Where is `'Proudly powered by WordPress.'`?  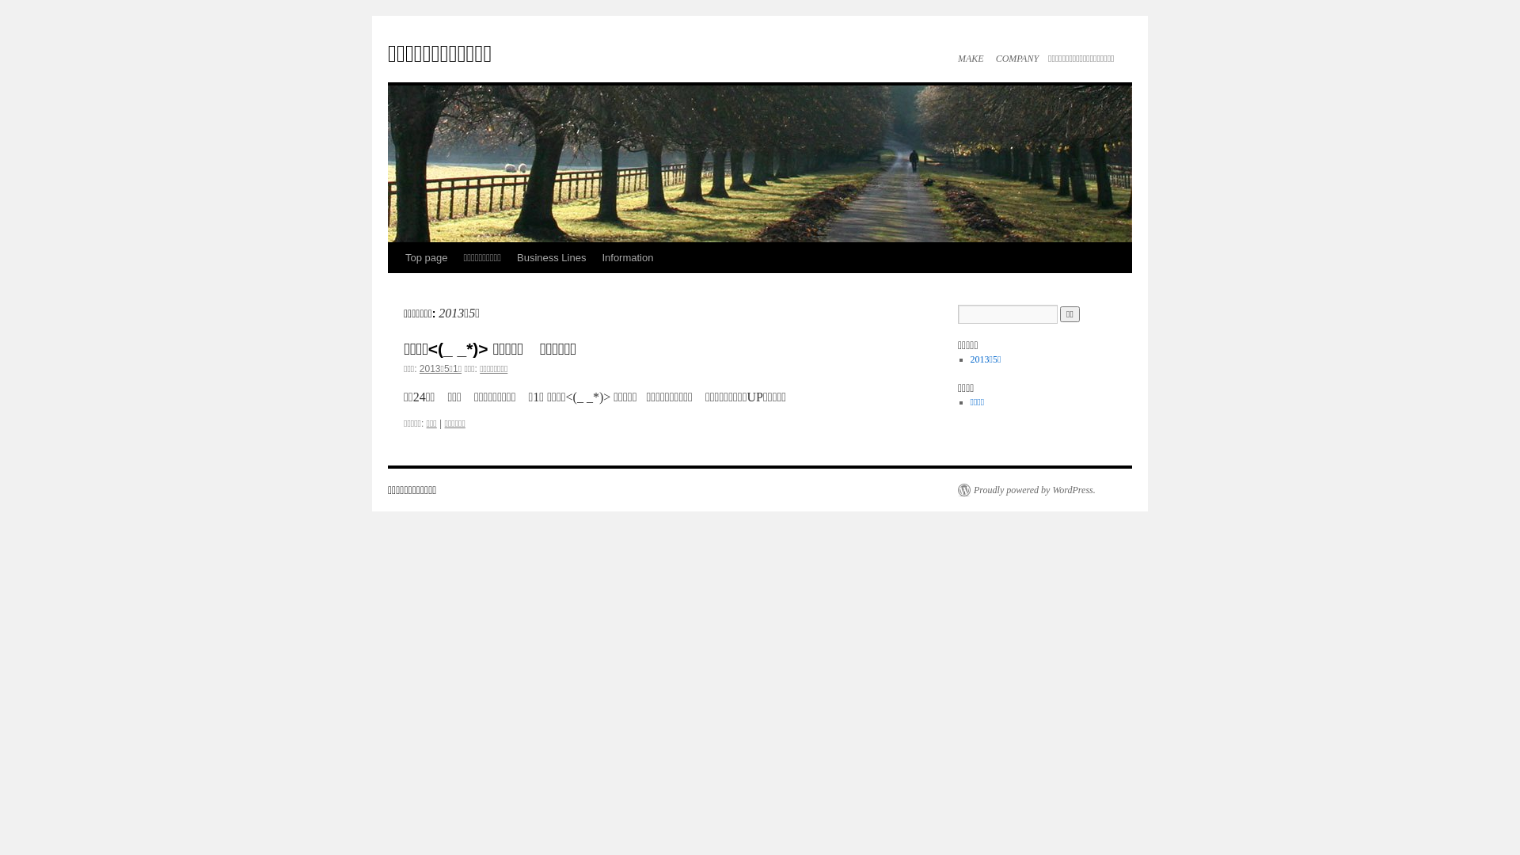 'Proudly powered by WordPress.' is located at coordinates (1026, 488).